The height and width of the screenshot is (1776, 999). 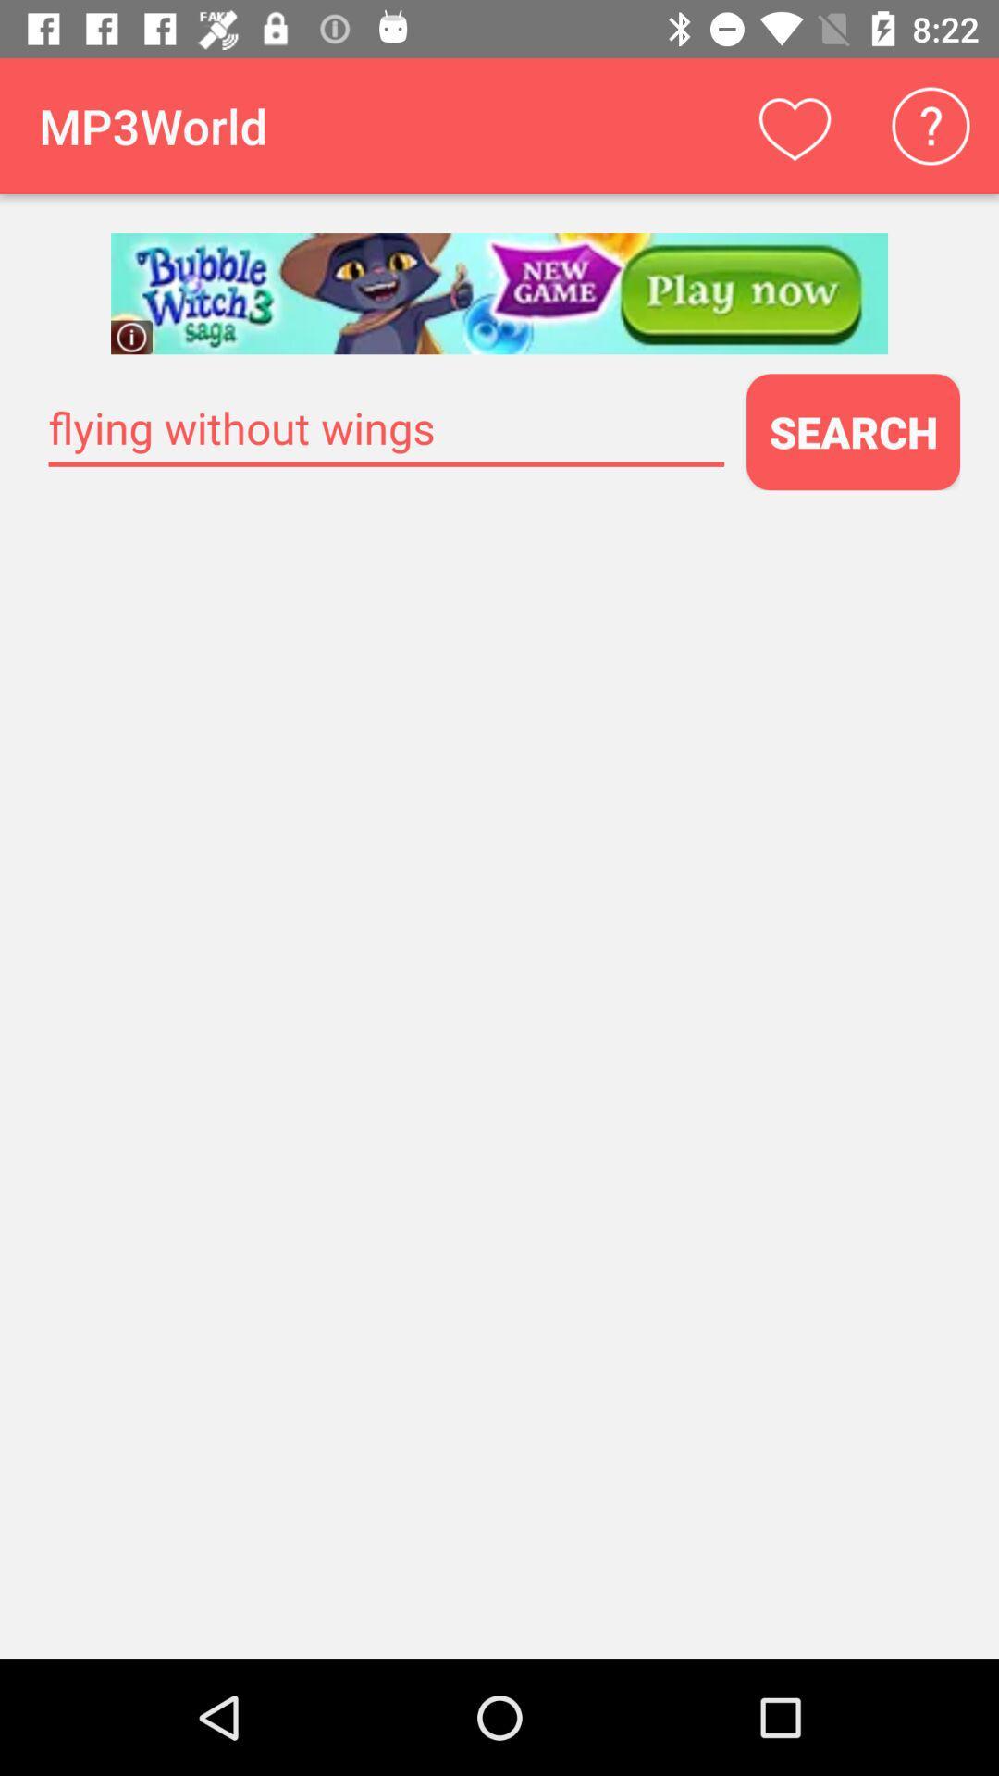 I want to click on advertisement link, so click(x=499, y=292).